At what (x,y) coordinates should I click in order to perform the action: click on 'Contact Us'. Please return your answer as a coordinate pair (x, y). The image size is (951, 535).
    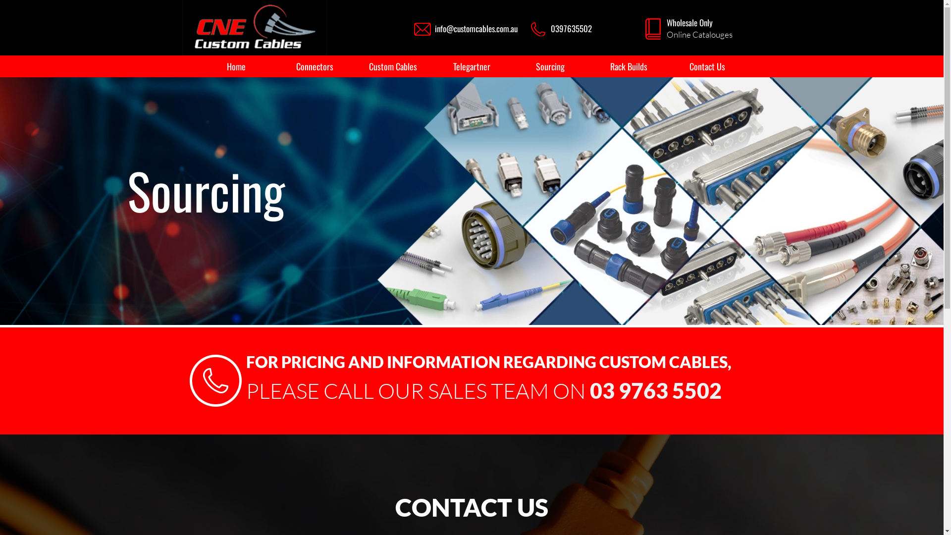
    Looking at the image, I should click on (706, 66).